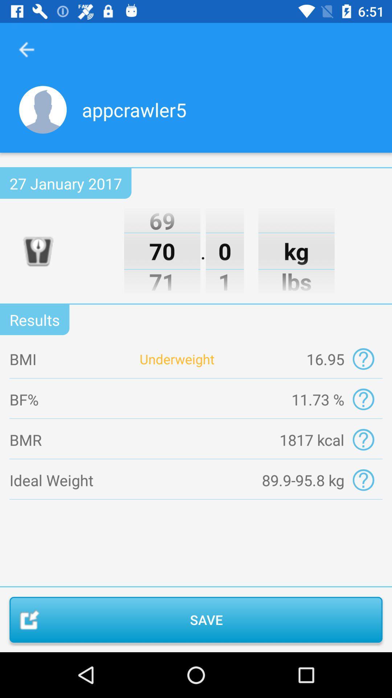 This screenshot has width=392, height=698. I want to click on explain bmi, so click(363, 359).